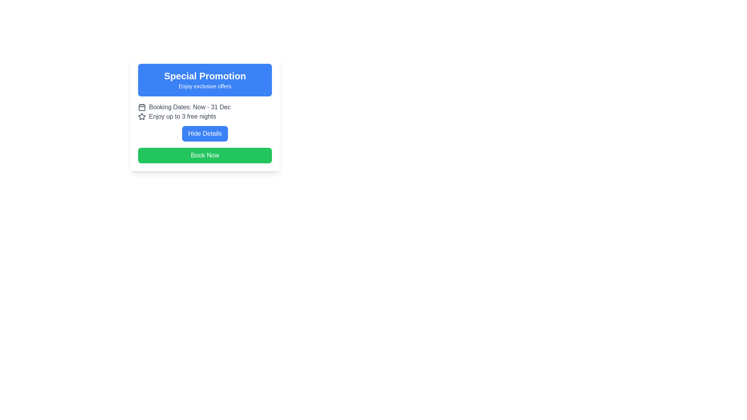  Describe the element at coordinates (205, 80) in the screenshot. I see `the header banner of the promotional card, which is located at the top of the card and summarizes the offer` at that location.